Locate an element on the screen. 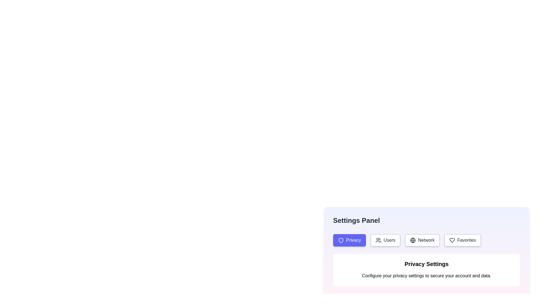  the 'users' icon located to the left of the 'Users' navigation button in the settings panel is located at coordinates (378, 240).